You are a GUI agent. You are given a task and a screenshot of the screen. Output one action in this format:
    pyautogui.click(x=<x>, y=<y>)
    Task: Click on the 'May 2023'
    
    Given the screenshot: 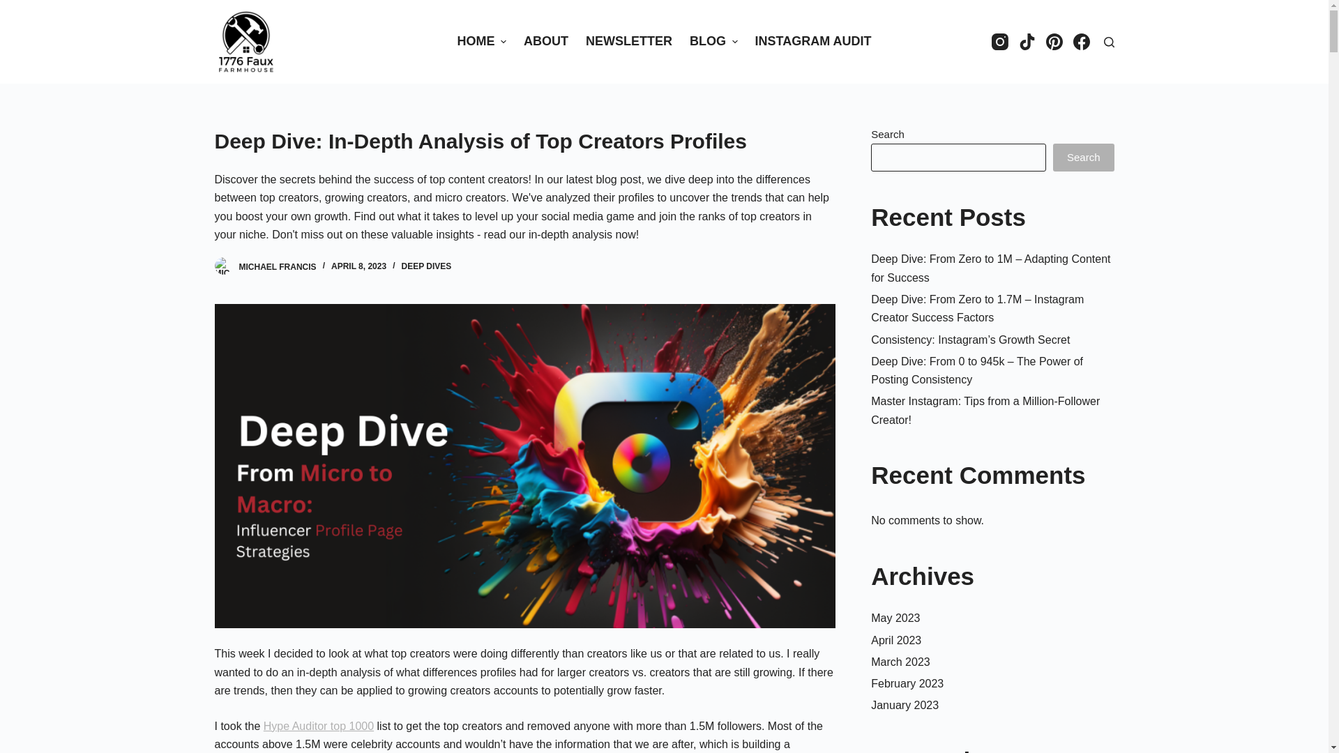 What is the action you would take?
    pyautogui.click(x=895, y=617)
    